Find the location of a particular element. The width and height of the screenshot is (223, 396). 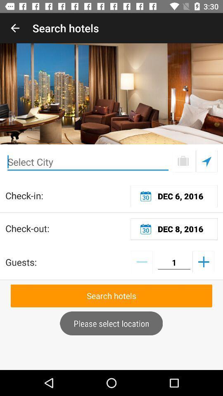

number of guests is located at coordinates (203, 261).